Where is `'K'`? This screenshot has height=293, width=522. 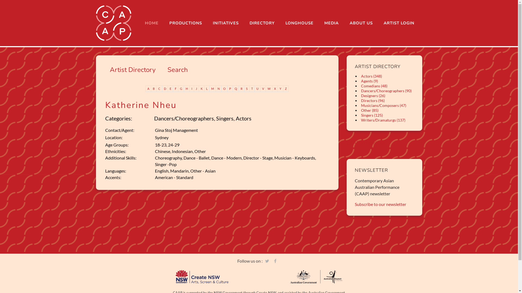 'K' is located at coordinates (201, 88).